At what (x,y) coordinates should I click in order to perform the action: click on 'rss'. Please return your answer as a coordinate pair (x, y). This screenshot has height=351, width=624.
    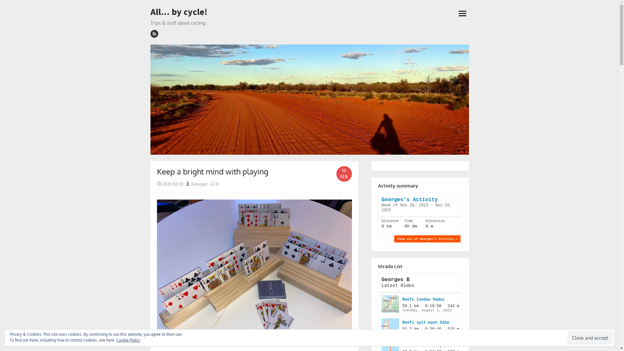
    Looking at the image, I should click on (149, 34).